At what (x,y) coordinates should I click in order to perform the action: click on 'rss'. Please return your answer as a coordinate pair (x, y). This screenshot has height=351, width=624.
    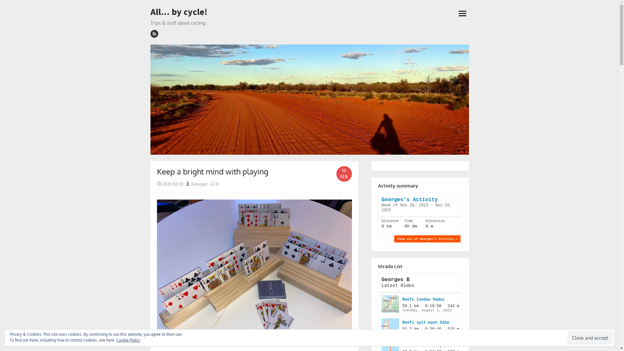
    Looking at the image, I should click on (149, 34).